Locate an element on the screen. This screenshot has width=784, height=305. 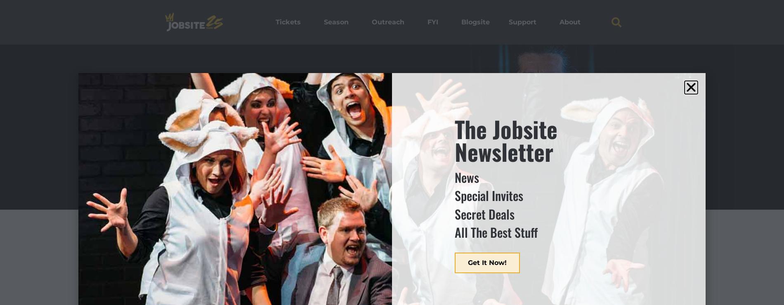
'Support' is located at coordinates (522, 22).